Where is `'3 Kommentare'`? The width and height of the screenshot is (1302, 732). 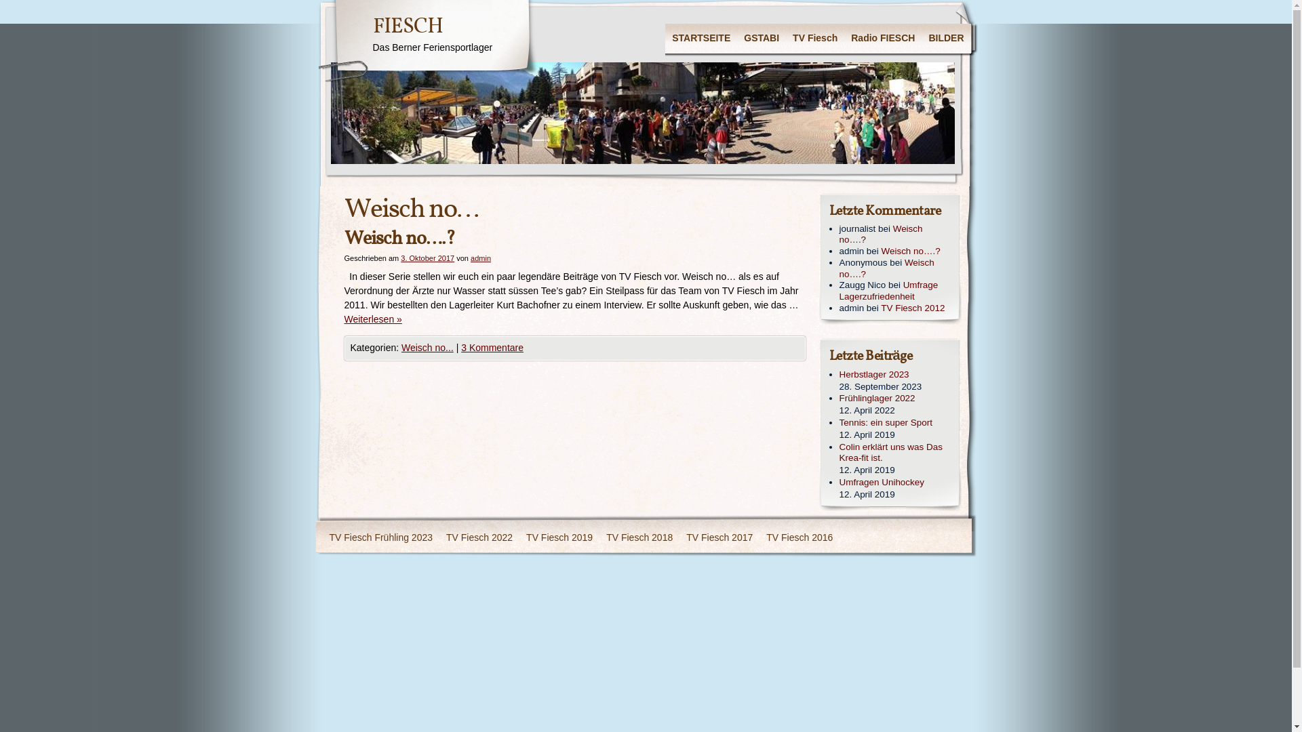 '3 Kommentare' is located at coordinates (491, 347).